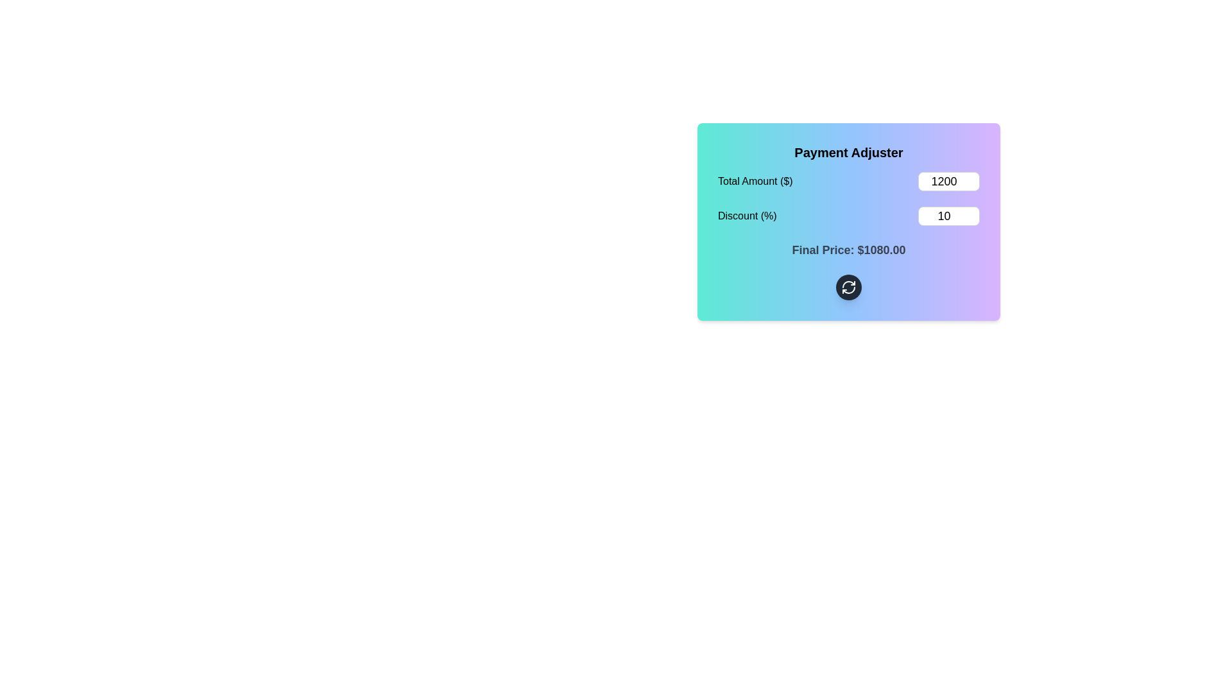 Image resolution: width=1232 pixels, height=693 pixels. Describe the element at coordinates (849, 286) in the screenshot. I see `the refresh button located at the bottom center of the card interface to observe its hover effects` at that location.